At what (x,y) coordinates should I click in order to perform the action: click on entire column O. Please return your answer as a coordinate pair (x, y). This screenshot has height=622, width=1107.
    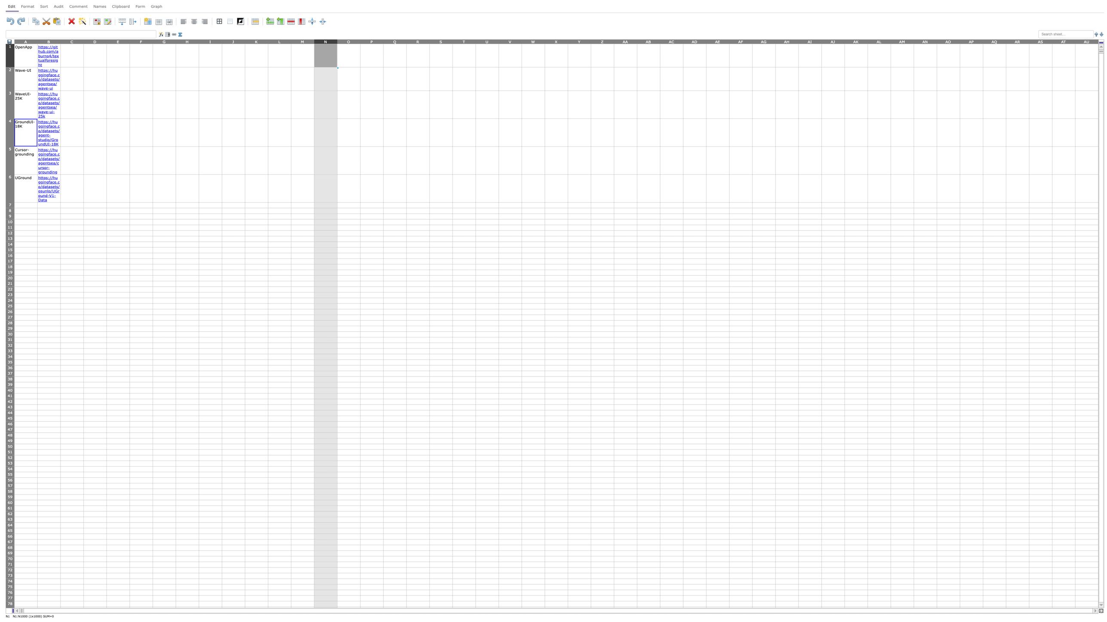
    Looking at the image, I should click on (348, 41).